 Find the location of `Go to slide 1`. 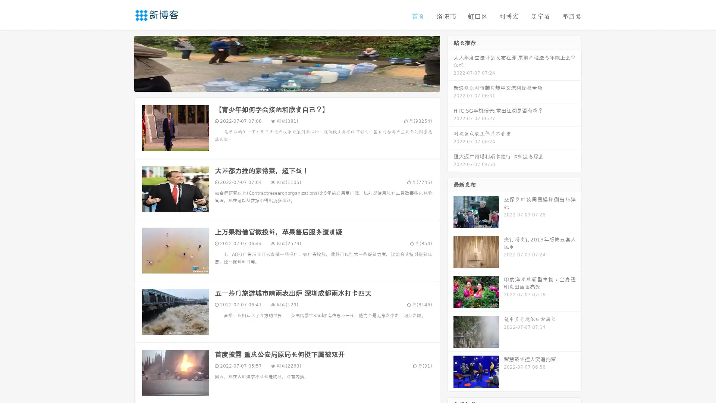

Go to slide 1 is located at coordinates (279, 84).